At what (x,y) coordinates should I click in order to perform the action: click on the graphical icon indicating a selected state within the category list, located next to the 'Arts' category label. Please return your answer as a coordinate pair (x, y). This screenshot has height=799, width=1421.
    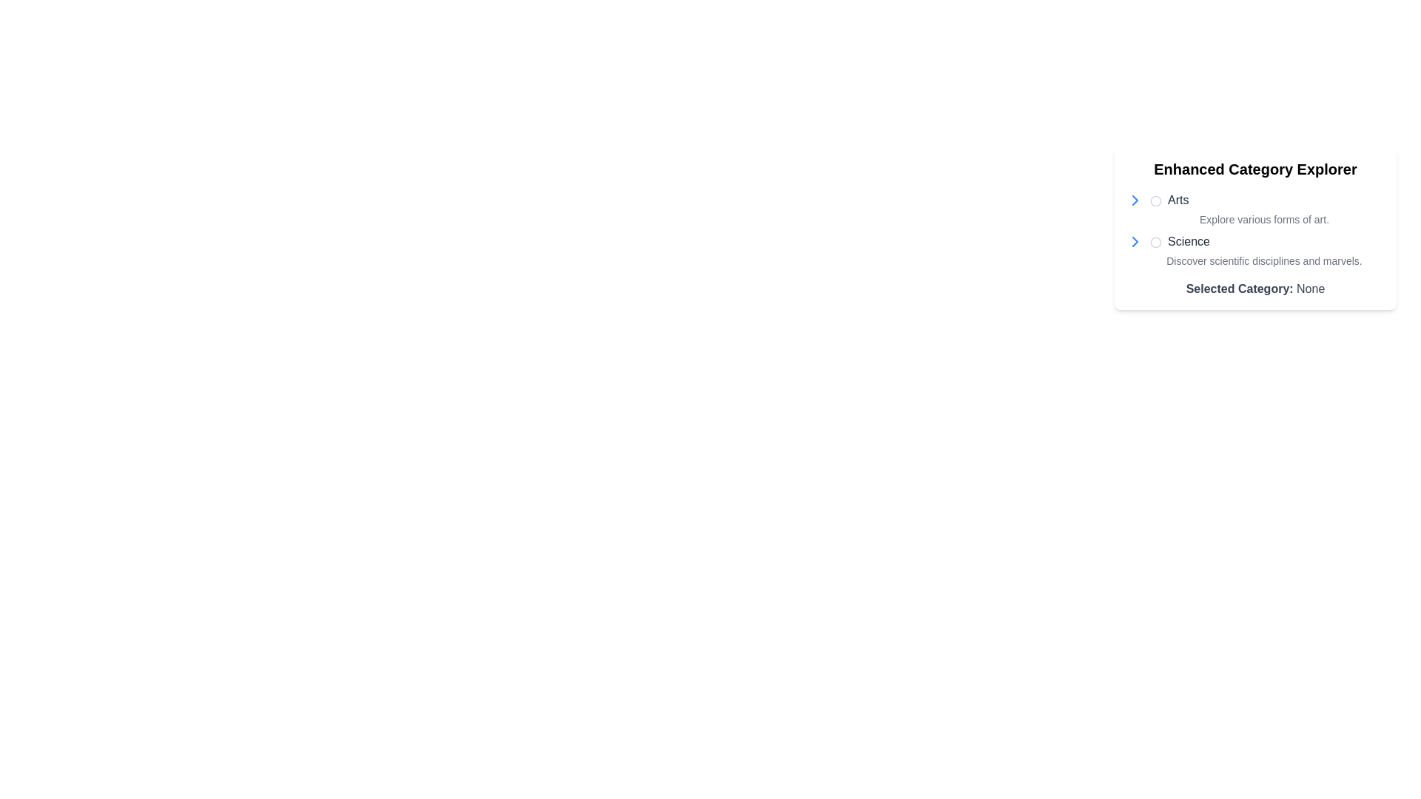
    Looking at the image, I should click on (1155, 200).